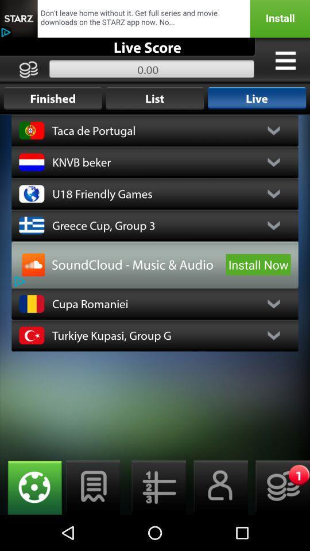  I want to click on more, so click(285, 60).